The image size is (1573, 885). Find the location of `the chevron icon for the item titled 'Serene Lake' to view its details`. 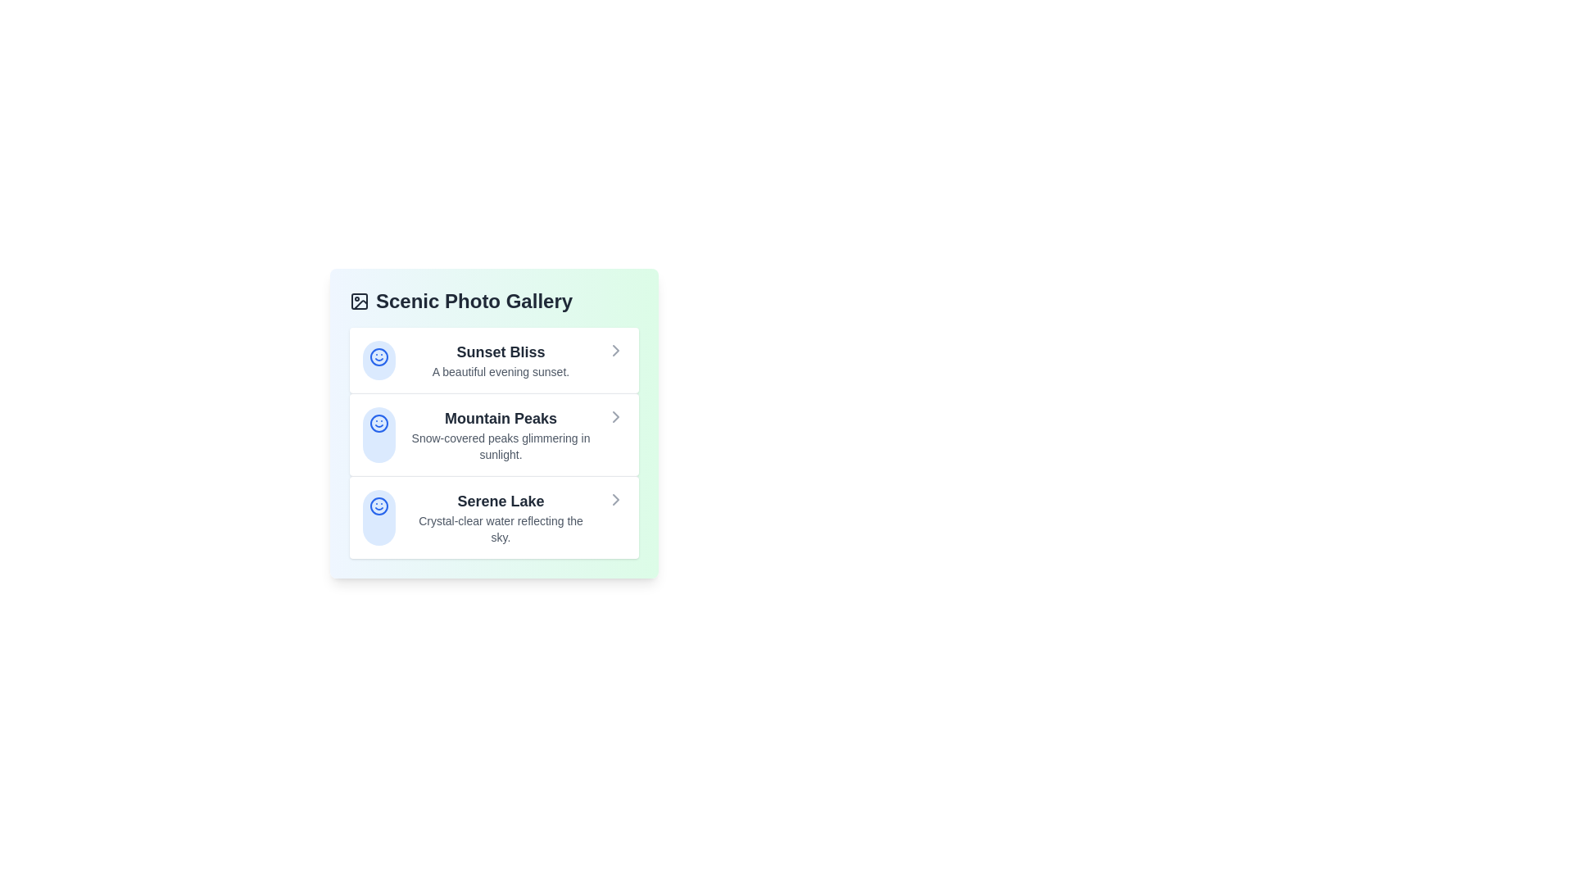

the chevron icon for the item titled 'Serene Lake' to view its details is located at coordinates (615, 498).